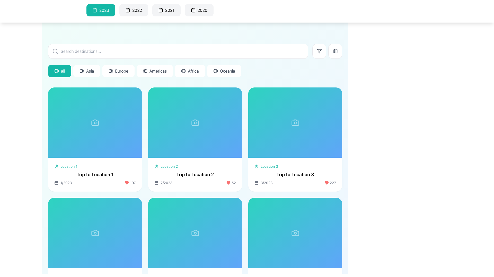 The width and height of the screenshot is (494, 277). What do you see at coordinates (190, 71) in the screenshot?
I see `the pill-shaped button labeled 'Africa' with a globe icon, positioned as the fifth button from the left in a horizontally scrollable list of options` at bounding box center [190, 71].